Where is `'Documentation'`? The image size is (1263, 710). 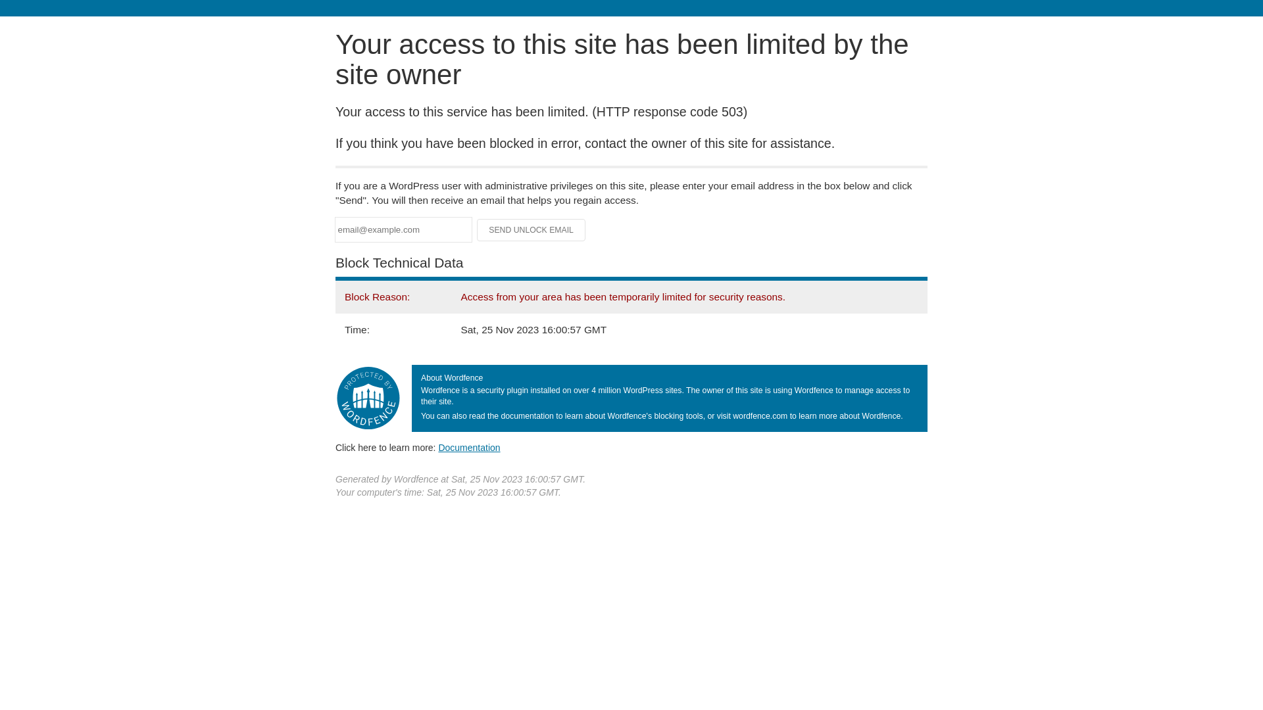 'Documentation' is located at coordinates (438, 447).